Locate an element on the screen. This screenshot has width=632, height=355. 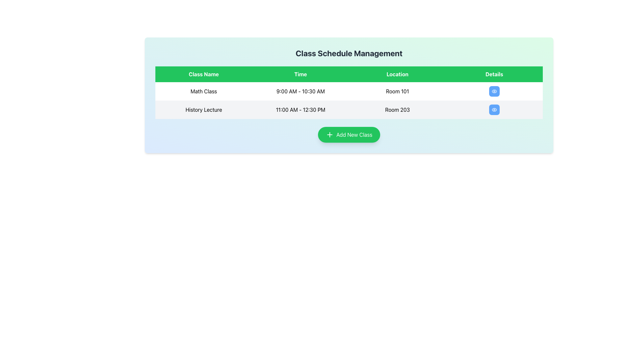
the second row of the schedule table that contains information about a specific activity is located at coordinates (349, 109).